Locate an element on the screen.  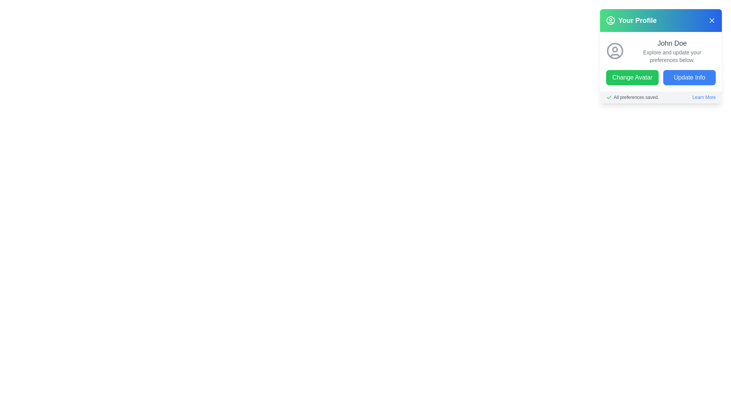
the update information button located on the right side of a two-button layout is located at coordinates (689, 78).